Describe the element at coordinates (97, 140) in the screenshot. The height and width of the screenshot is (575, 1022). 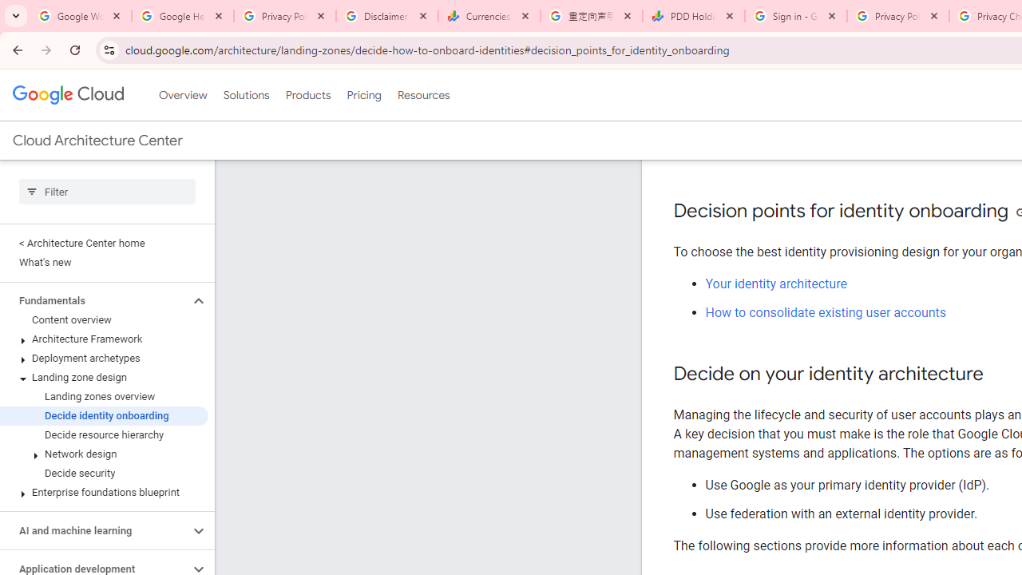
I see `'Cloud Architecture Center'` at that location.